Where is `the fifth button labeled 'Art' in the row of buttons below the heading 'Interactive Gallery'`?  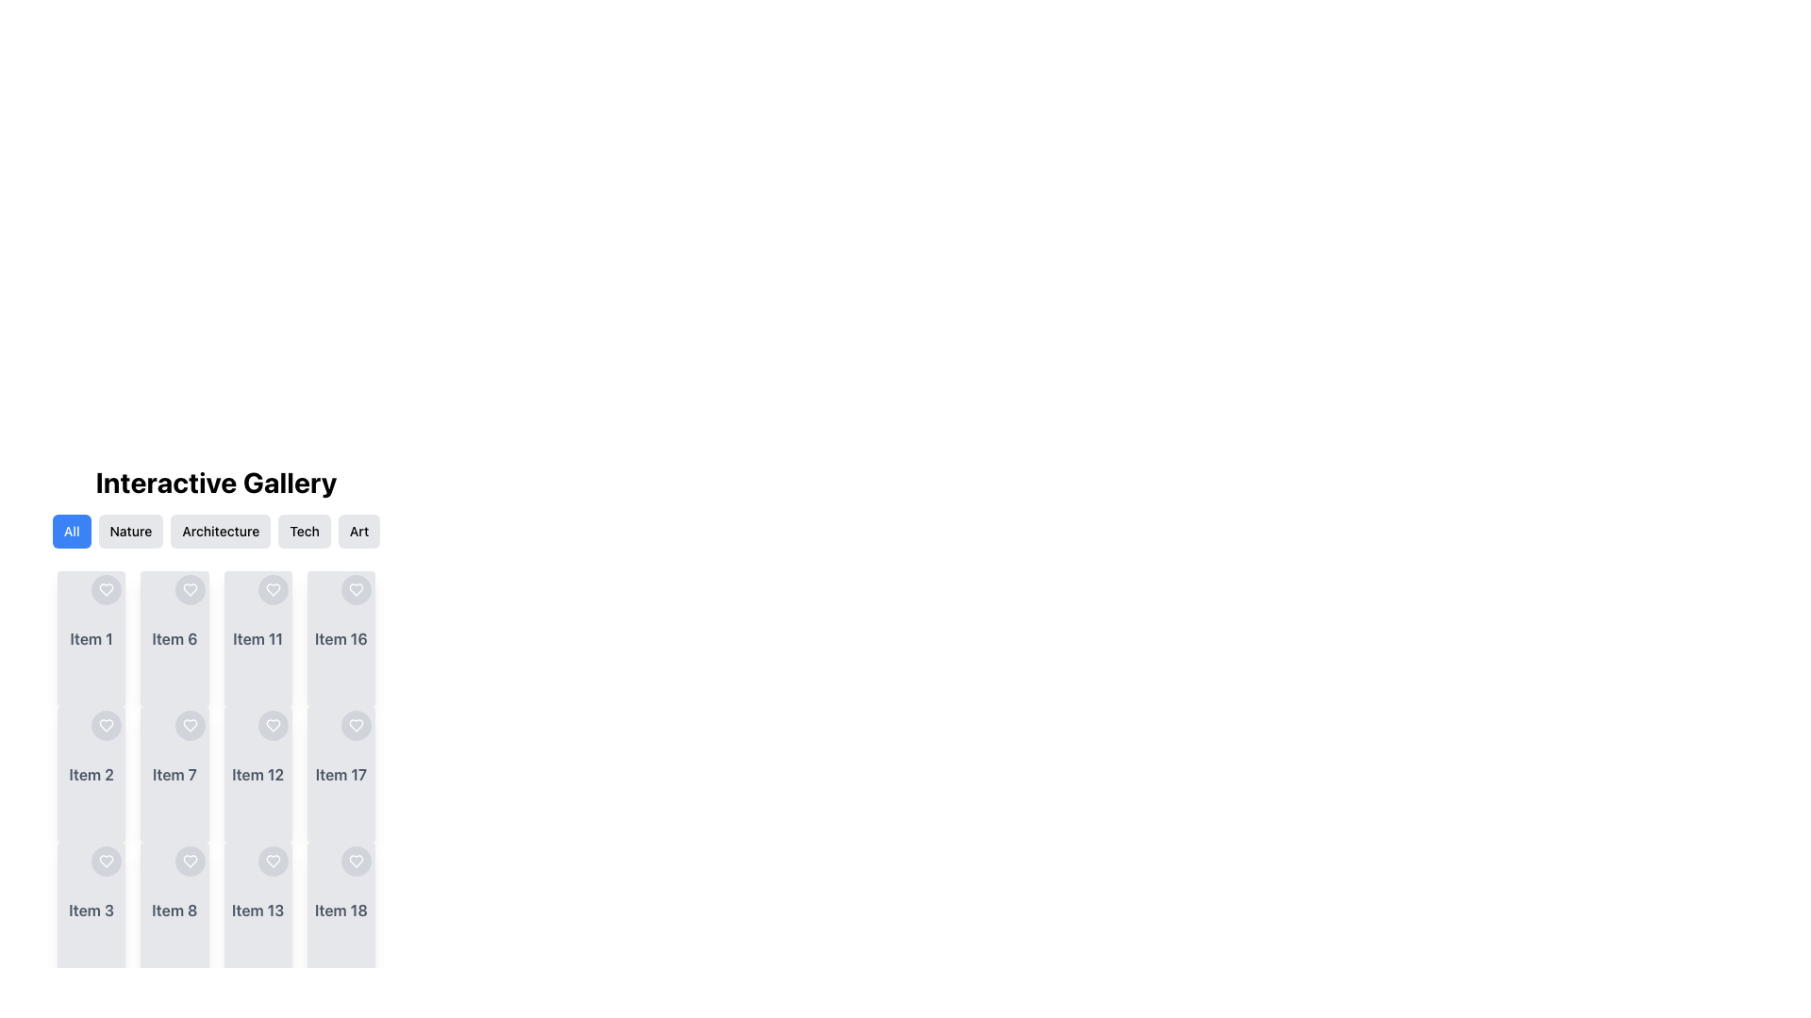 the fifth button labeled 'Art' in the row of buttons below the heading 'Interactive Gallery' is located at coordinates (359, 531).